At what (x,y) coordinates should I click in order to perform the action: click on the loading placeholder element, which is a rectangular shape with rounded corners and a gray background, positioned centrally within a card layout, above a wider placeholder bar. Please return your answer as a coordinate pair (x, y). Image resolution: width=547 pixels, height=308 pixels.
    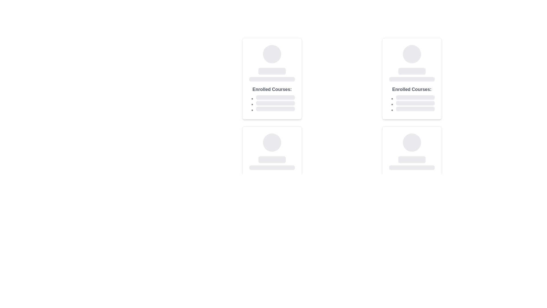
    Looking at the image, I should click on (272, 159).